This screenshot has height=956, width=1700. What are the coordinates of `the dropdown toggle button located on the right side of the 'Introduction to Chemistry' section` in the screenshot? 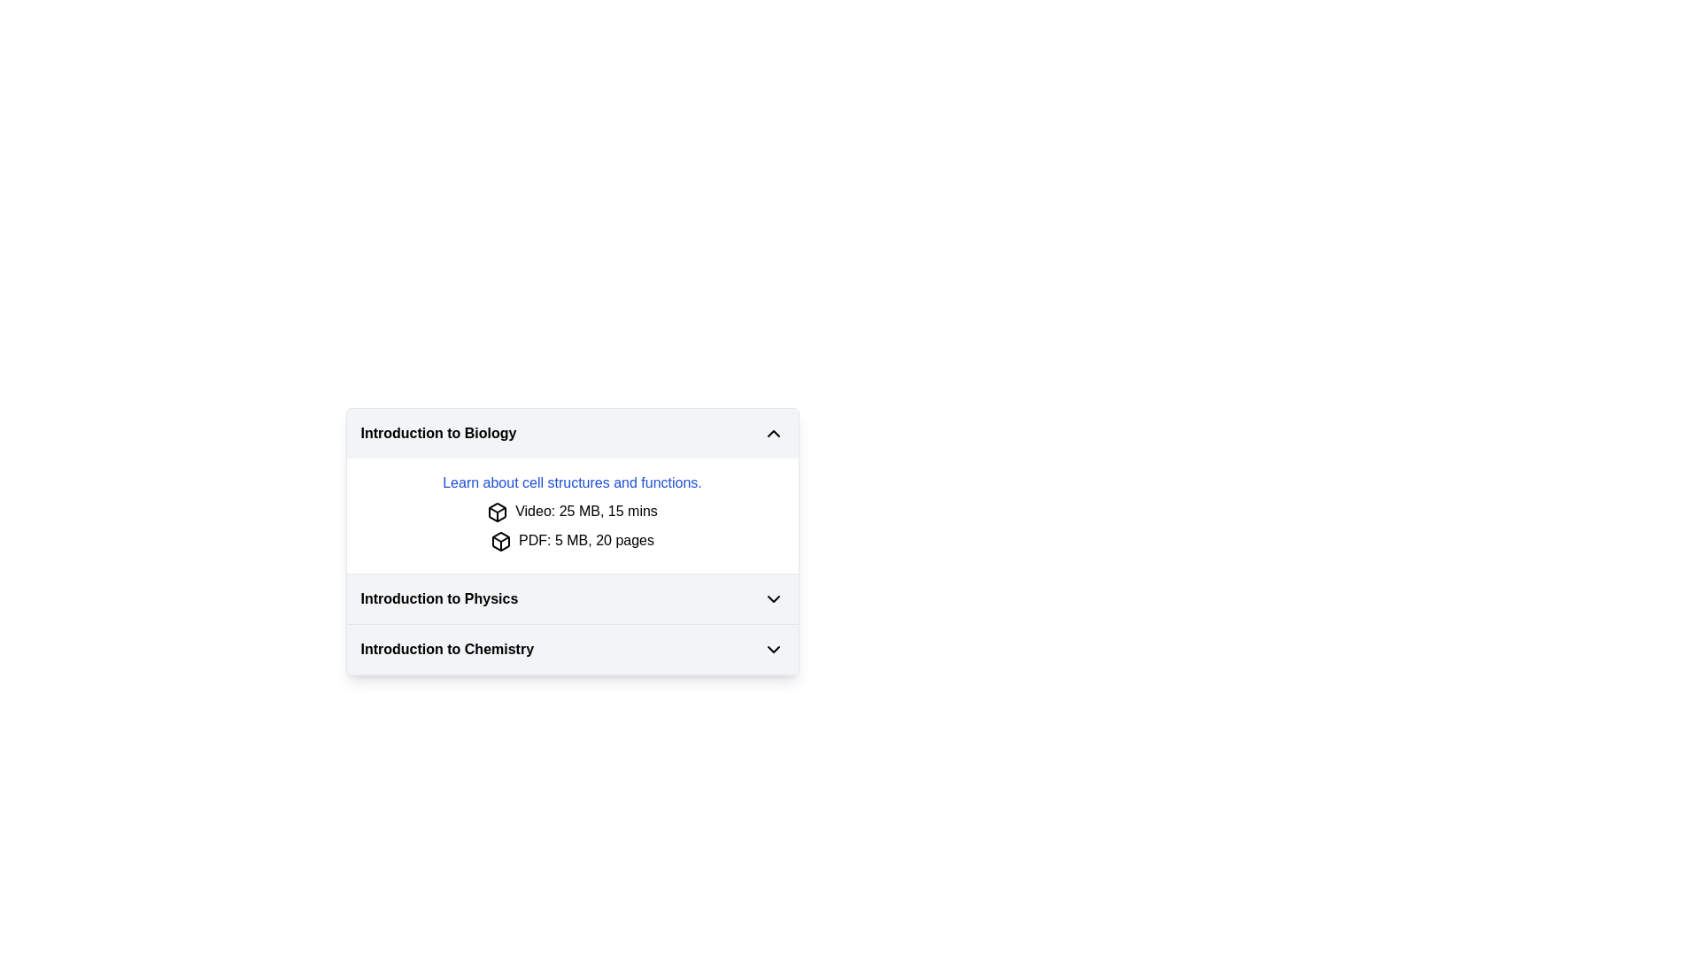 It's located at (773, 649).